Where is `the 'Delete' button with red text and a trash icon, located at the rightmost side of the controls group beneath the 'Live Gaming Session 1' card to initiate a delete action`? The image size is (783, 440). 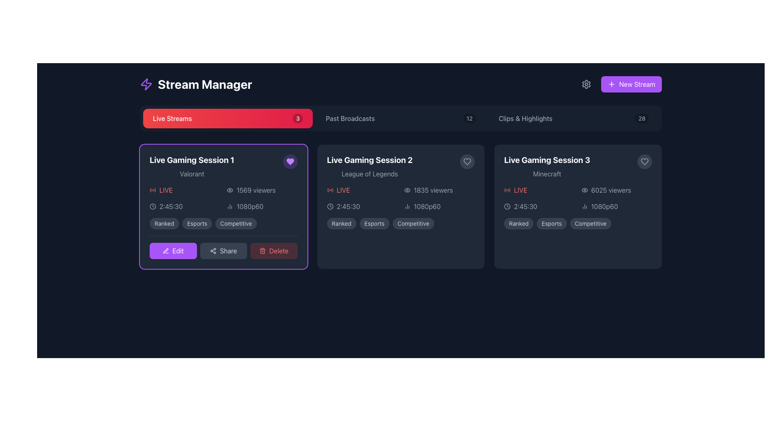
the 'Delete' button with red text and a trash icon, located at the rightmost side of the controls group beneath the 'Live Gaming Session 1' card to initiate a delete action is located at coordinates (274, 251).